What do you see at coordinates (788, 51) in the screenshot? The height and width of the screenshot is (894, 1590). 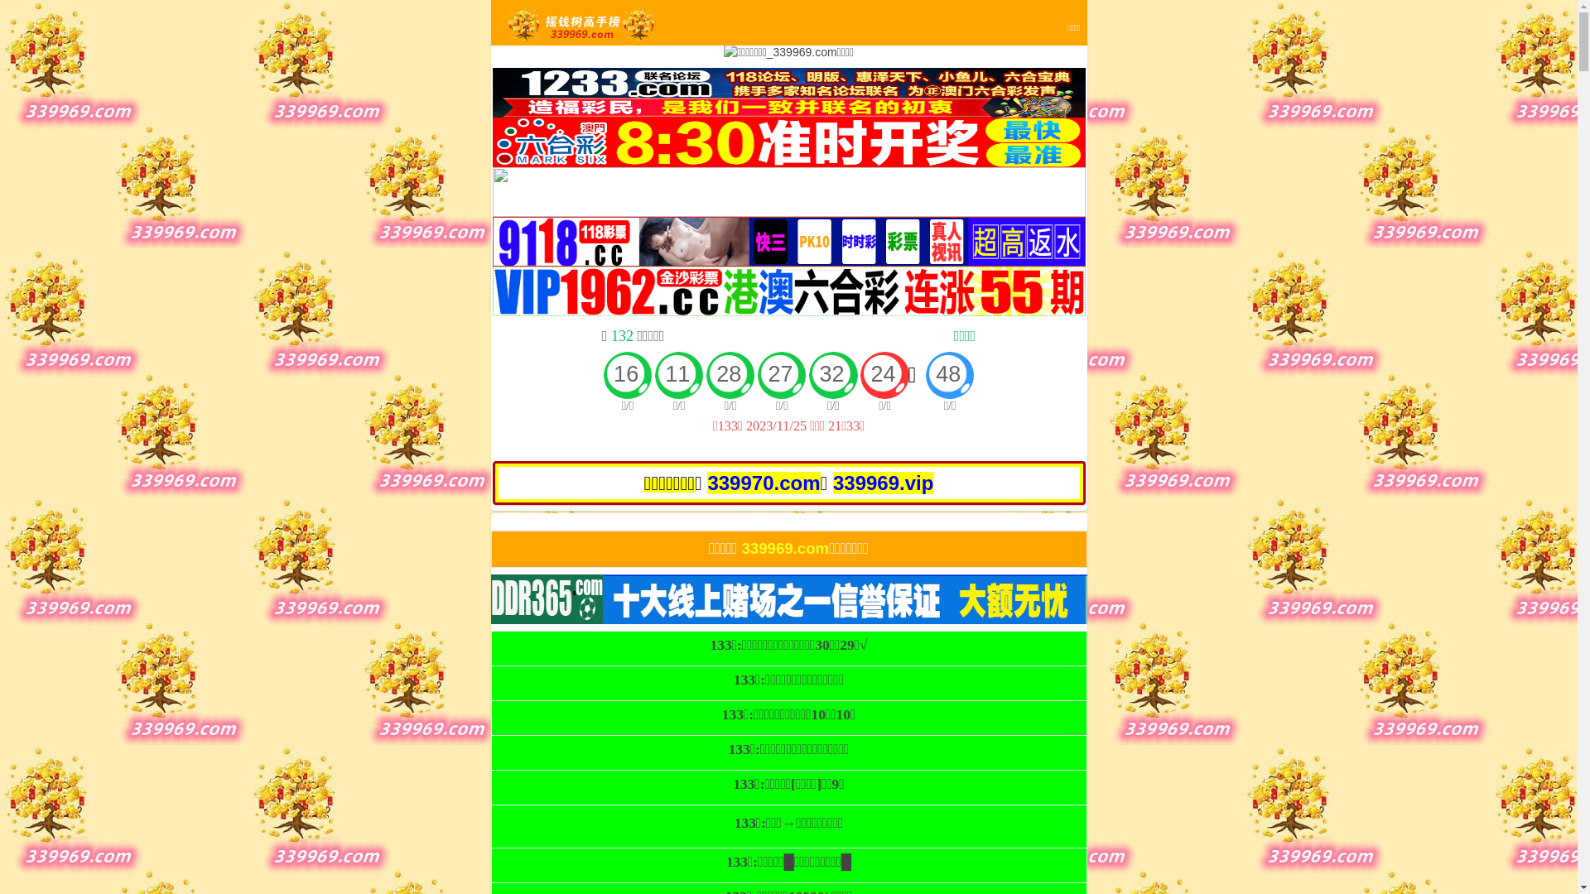 I see `'0'` at bounding box center [788, 51].